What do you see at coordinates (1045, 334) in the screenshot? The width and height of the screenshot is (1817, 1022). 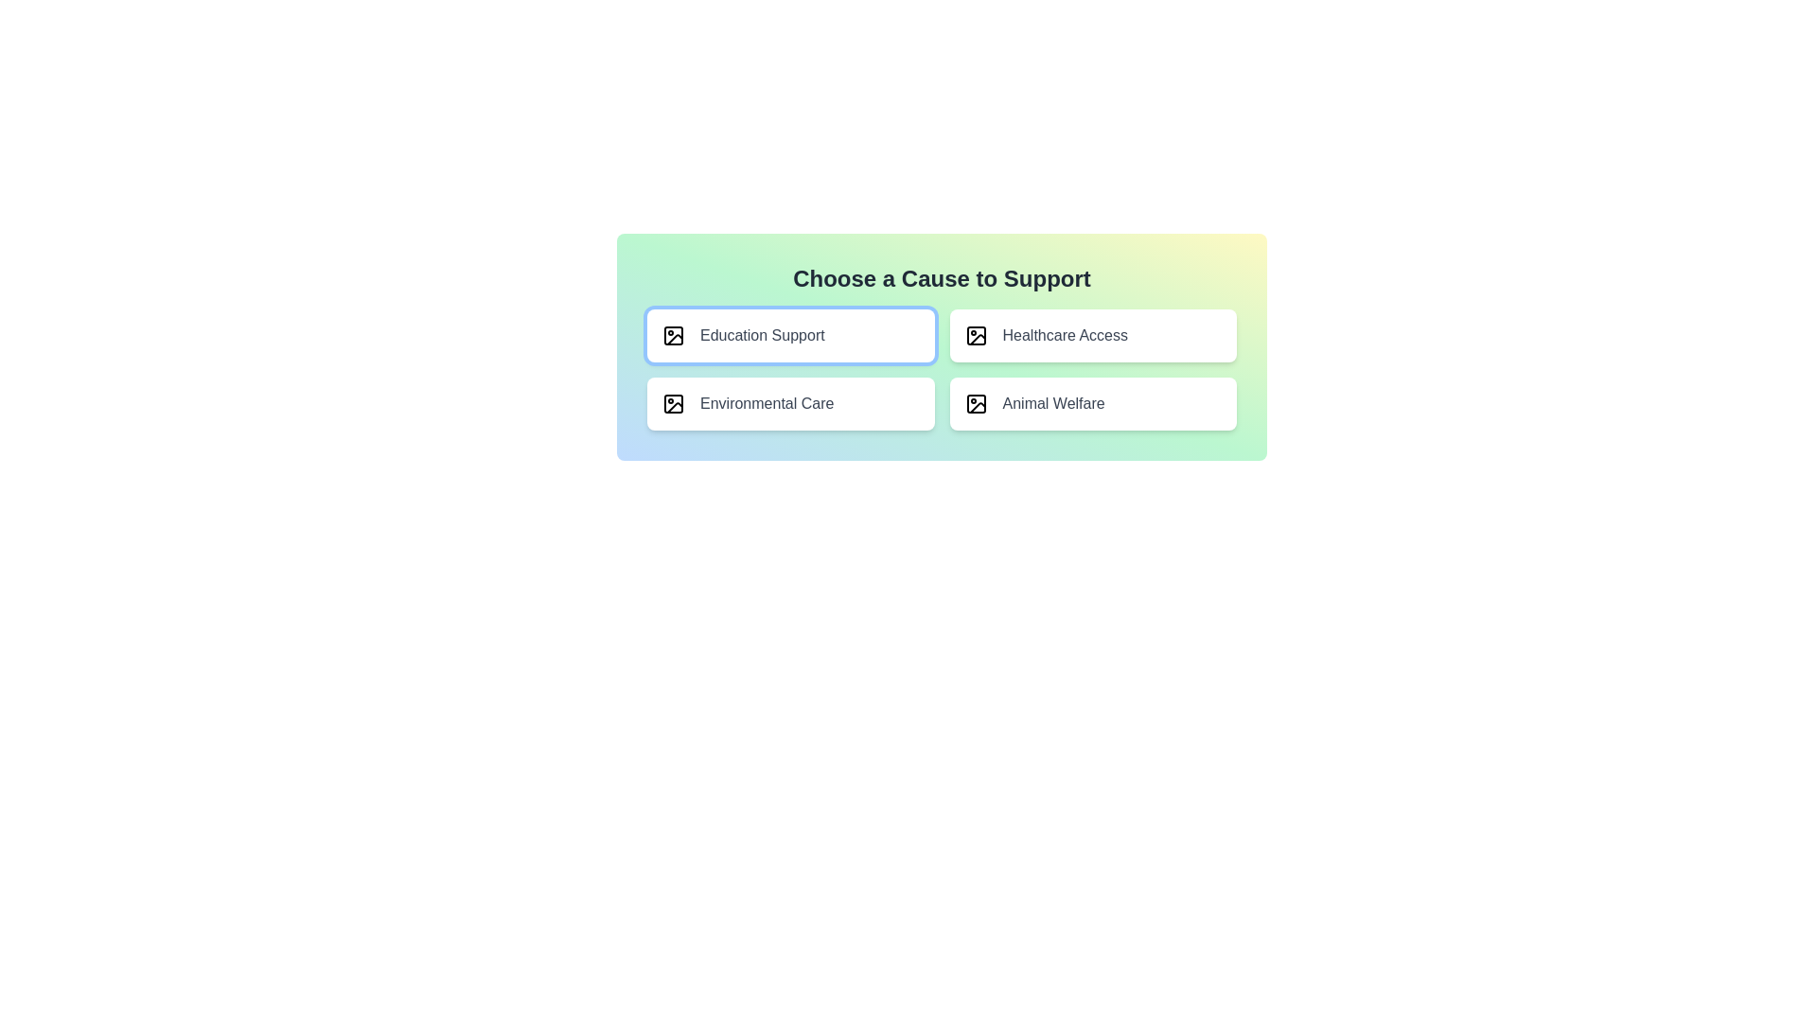 I see `the interactive list item labeled 'Healthcare Access' which is the second option in the top row of a 2x2 clickable grid layout` at bounding box center [1045, 334].